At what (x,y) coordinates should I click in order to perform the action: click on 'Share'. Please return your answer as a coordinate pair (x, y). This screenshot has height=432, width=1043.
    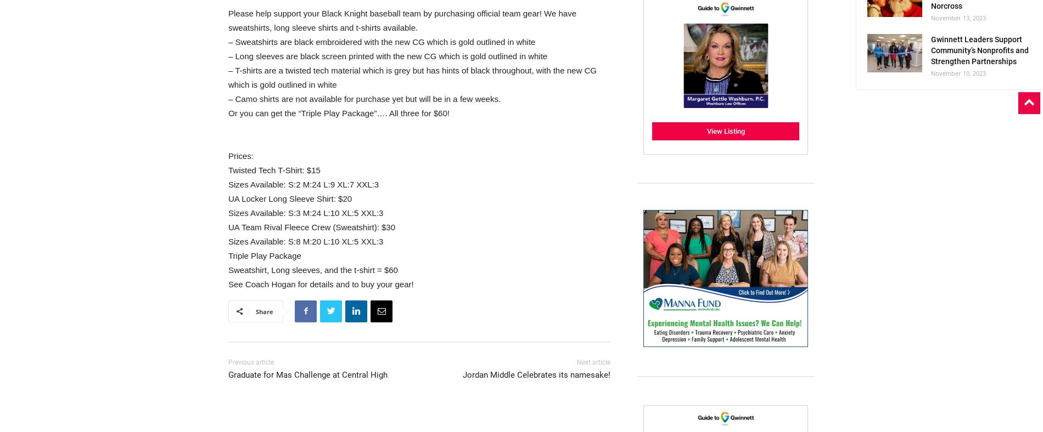
    Looking at the image, I should click on (265, 311).